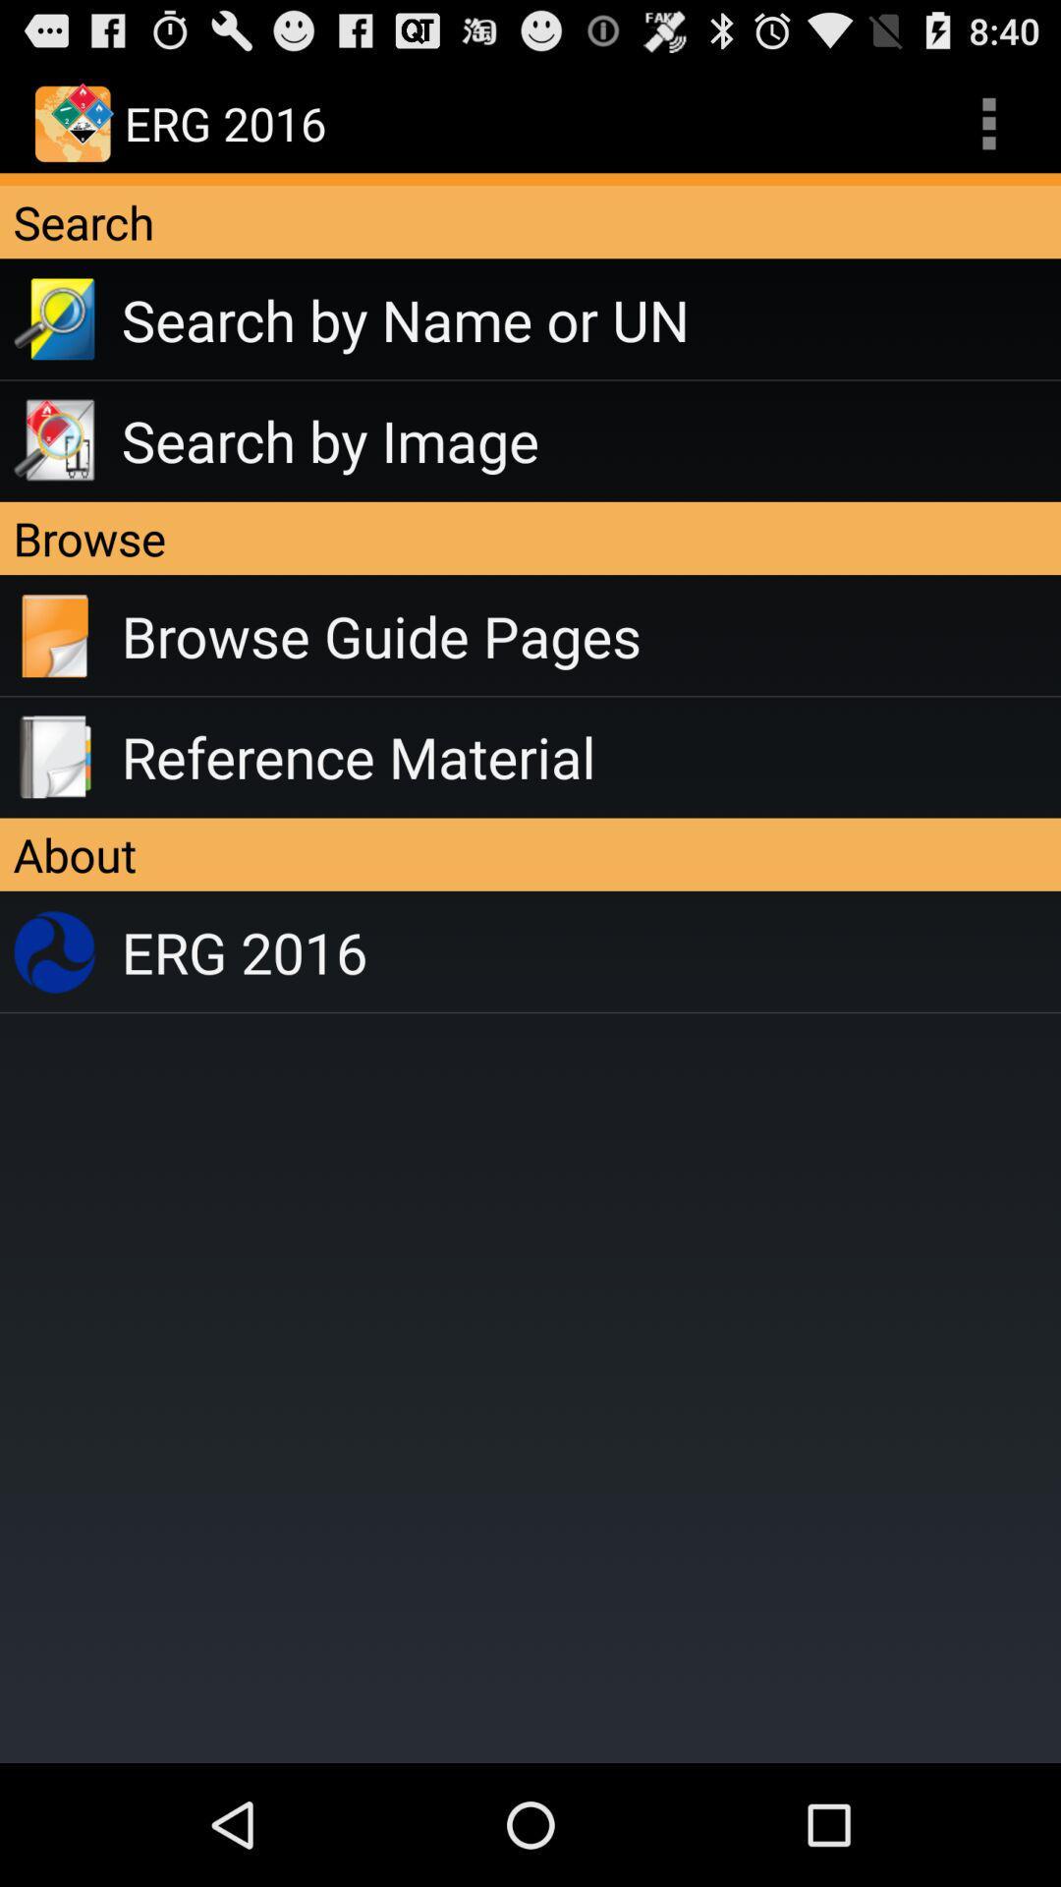 The image size is (1061, 1887). Describe the element at coordinates (530, 854) in the screenshot. I see `the app below the reference material app` at that location.